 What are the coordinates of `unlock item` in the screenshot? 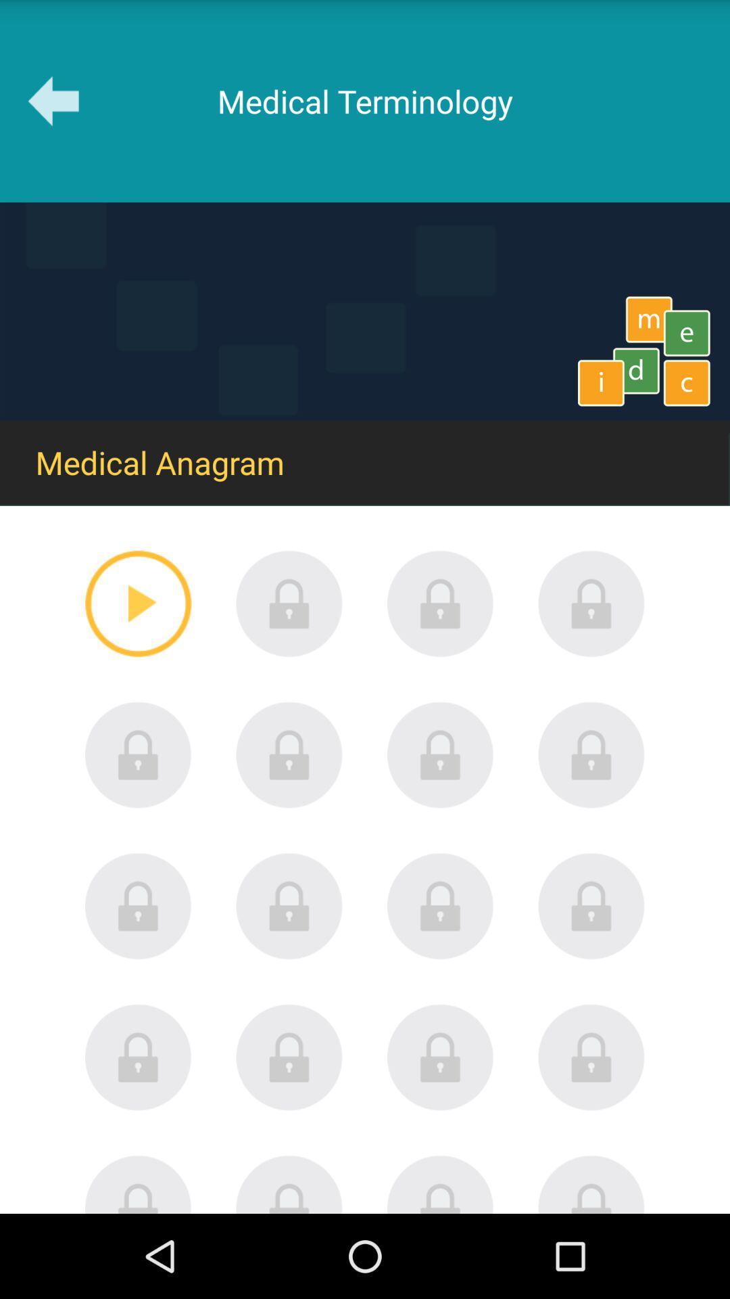 It's located at (440, 603).